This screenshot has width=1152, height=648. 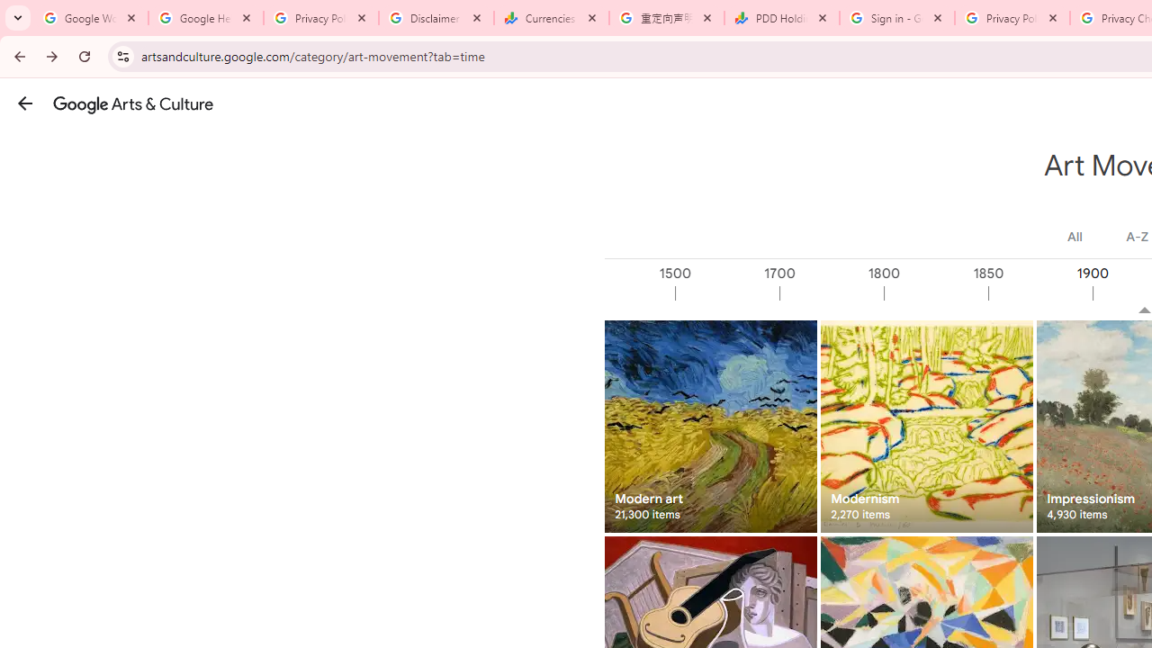 What do you see at coordinates (90, 18) in the screenshot?
I see `'Google Workspace Admin Community'` at bounding box center [90, 18].